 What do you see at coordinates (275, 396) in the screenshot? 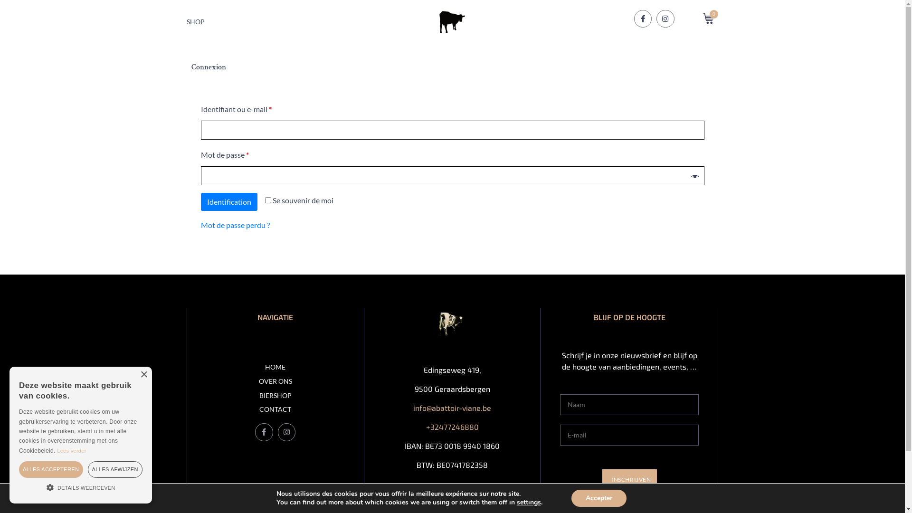
I see `'BIERSHOP'` at bounding box center [275, 396].